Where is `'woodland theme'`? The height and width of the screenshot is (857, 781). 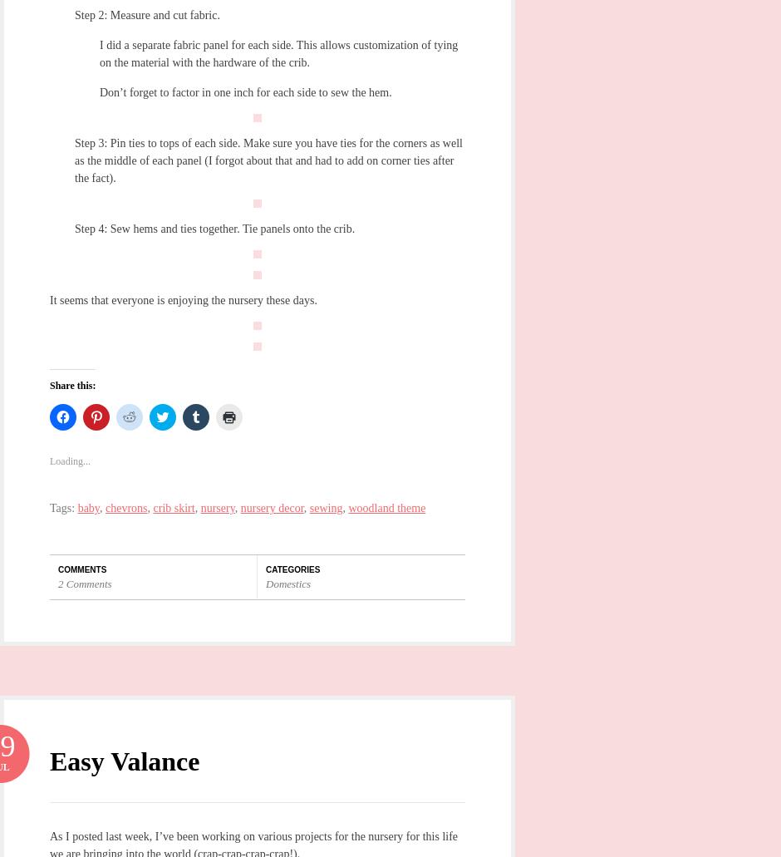 'woodland theme' is located at coordinates (386, 507).